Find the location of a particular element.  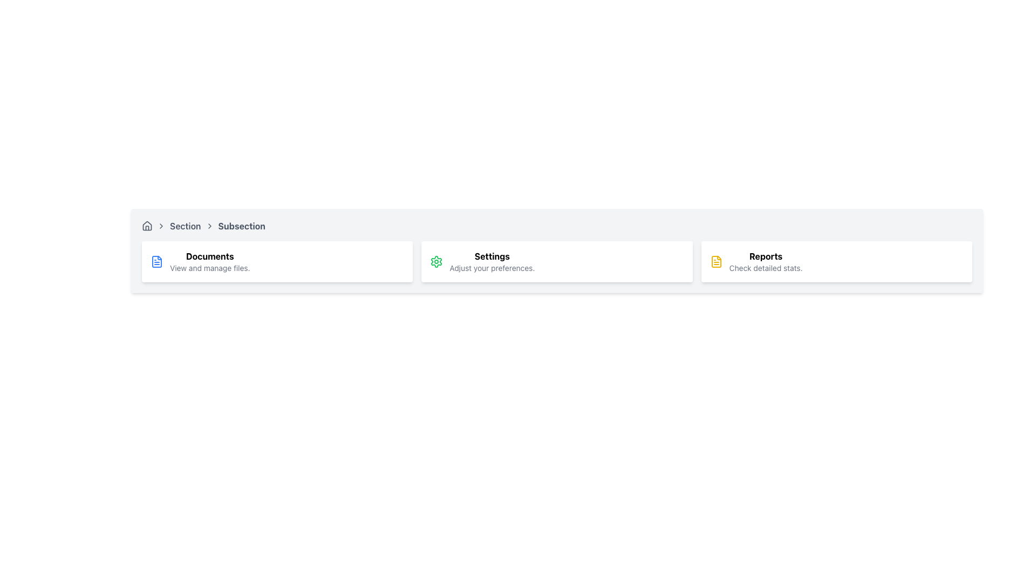

the document icon located at the leftmost position of the 'Documents' card is located at coordinates (156, 262).